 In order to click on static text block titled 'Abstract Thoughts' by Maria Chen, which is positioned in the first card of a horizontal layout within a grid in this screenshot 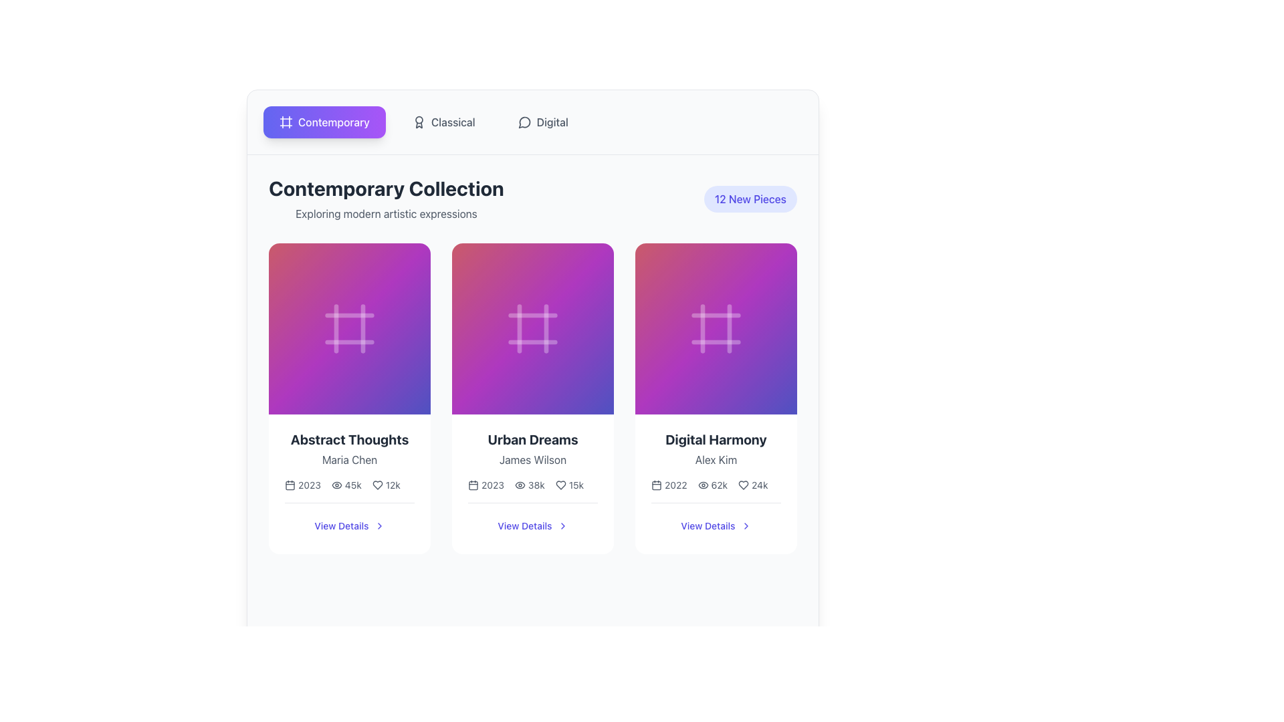, I will do `click(350, 449)`.